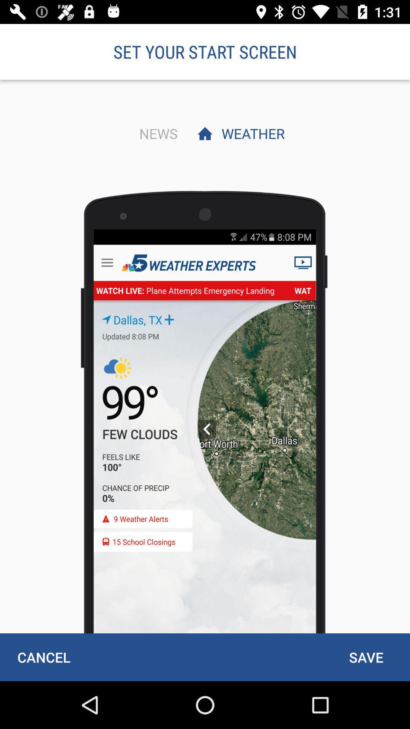  What do you see at coordinates (44, 657) in the screenshot?
I see `the item to the left of save` at bounding box center [44, 657].